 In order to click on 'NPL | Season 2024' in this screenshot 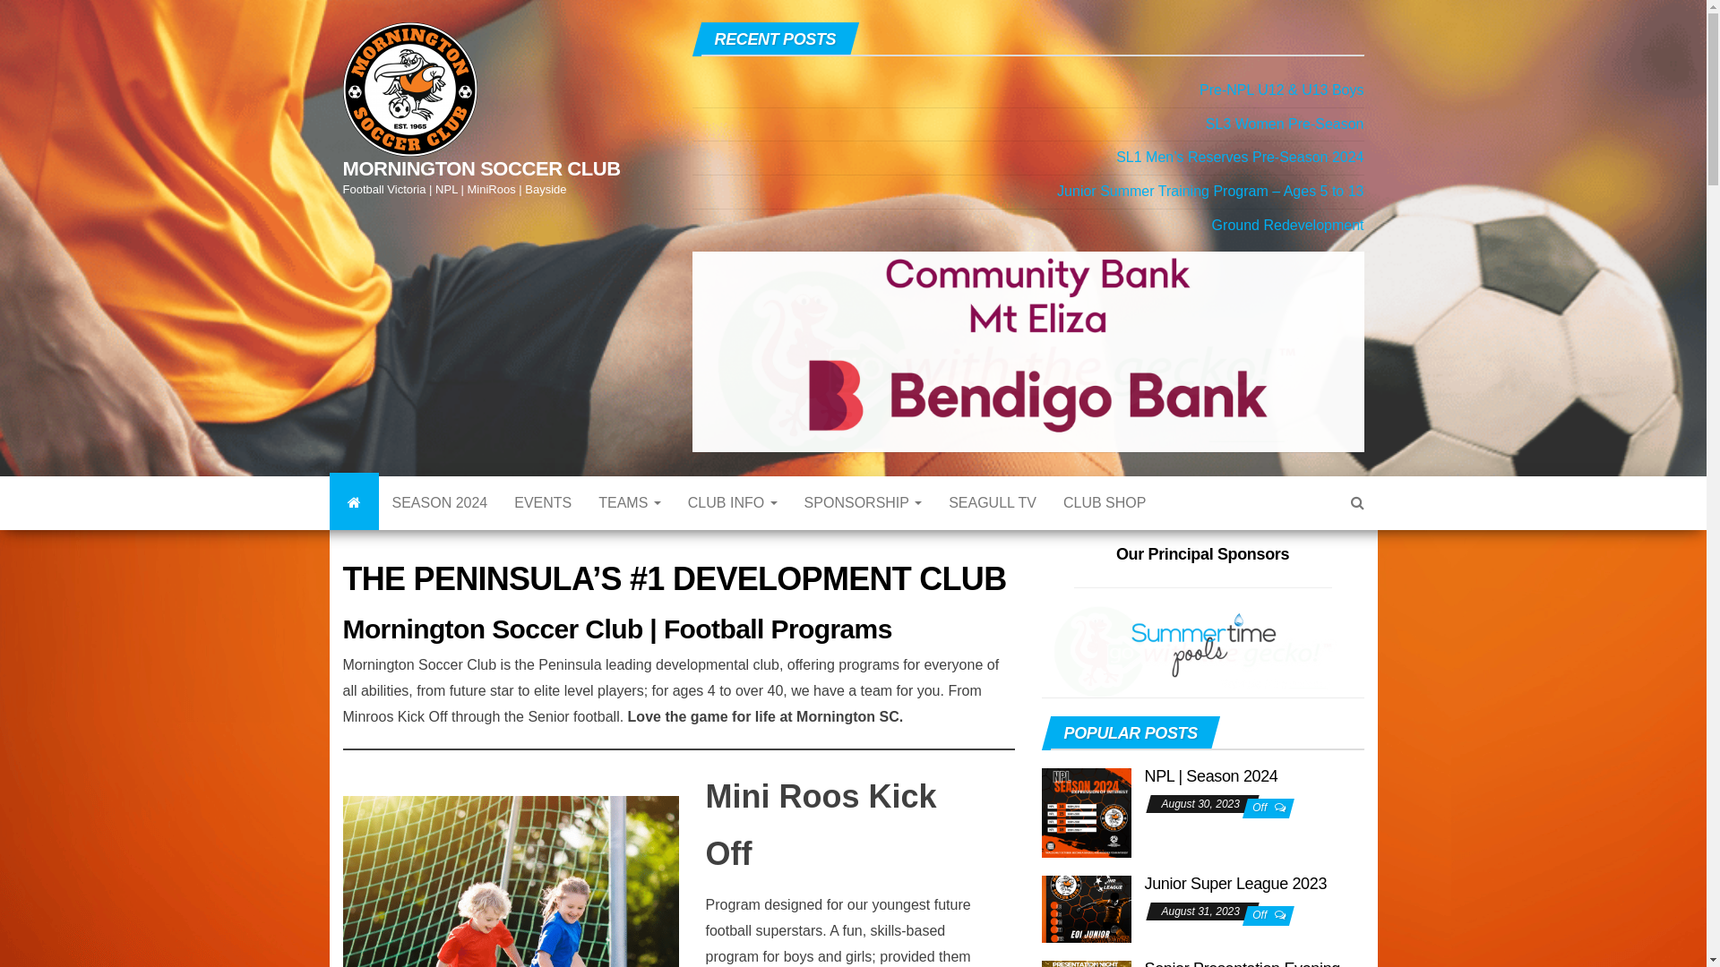, I will do `click(1085, 828)`.